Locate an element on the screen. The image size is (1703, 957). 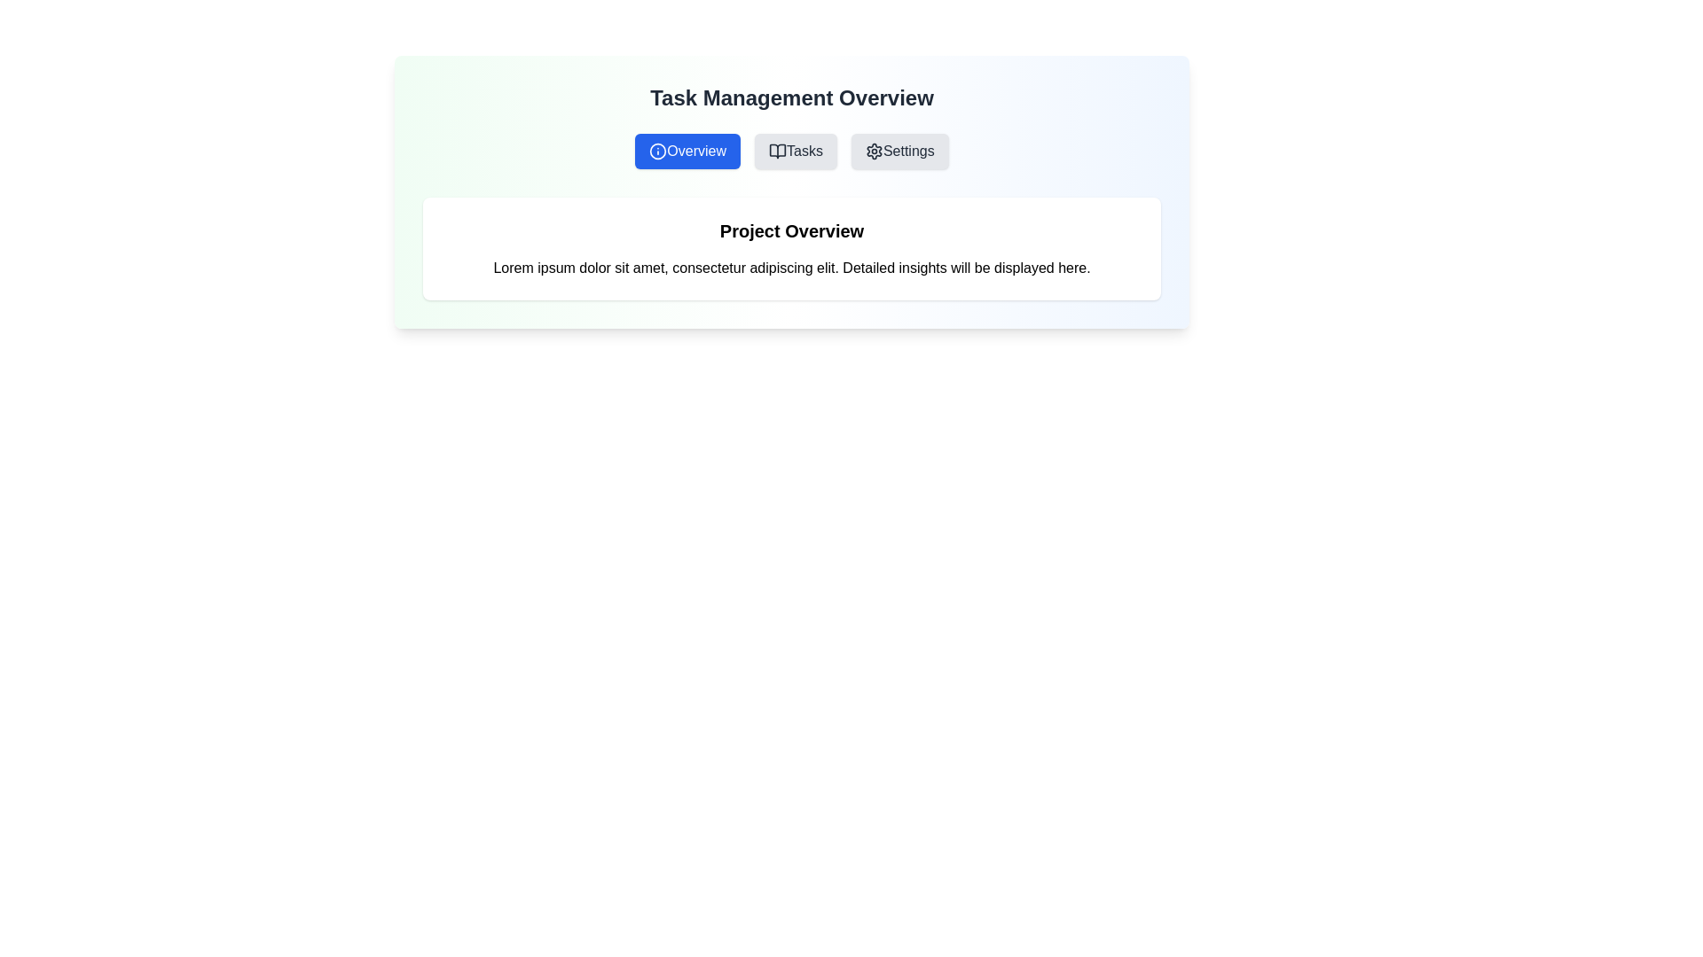
displayed information from the rectangular content box labeled 'Project Overview' with a white background and padding located below the 'Overview,' 'Tasks,' and 'Settings' buttons is located at coordinates (790, 249).